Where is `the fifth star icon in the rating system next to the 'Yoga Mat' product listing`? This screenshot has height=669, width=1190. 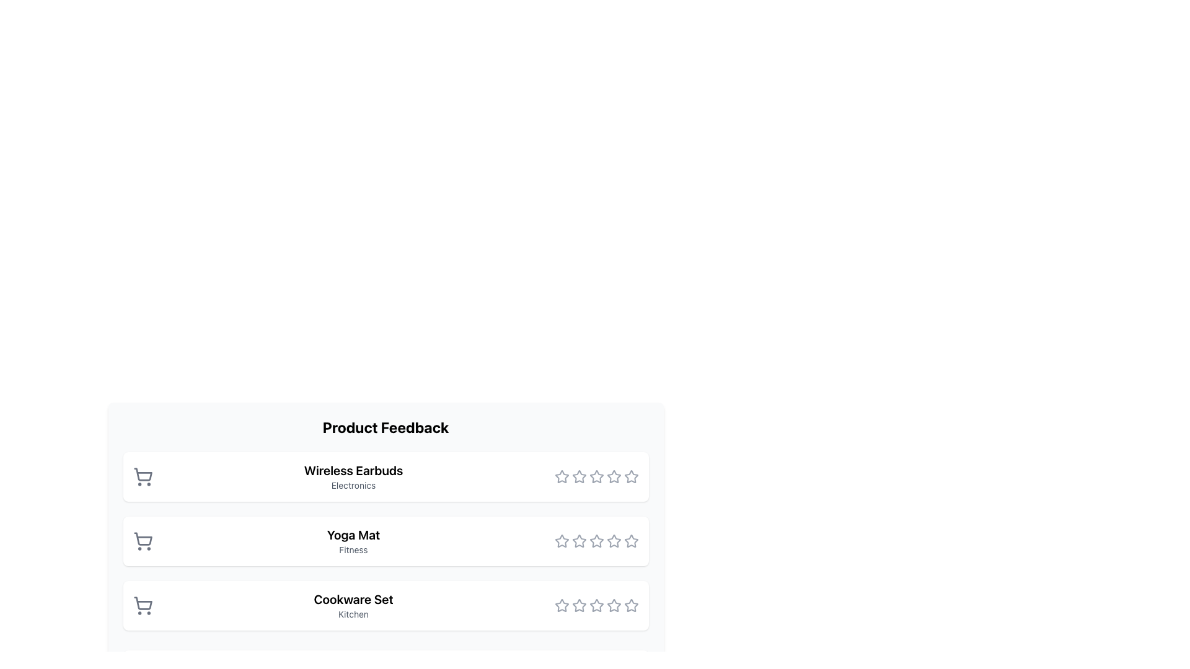
the fifth star icon in the rating system next to the 'Yoga Mat' product listing is located at coordinates (631, 540).